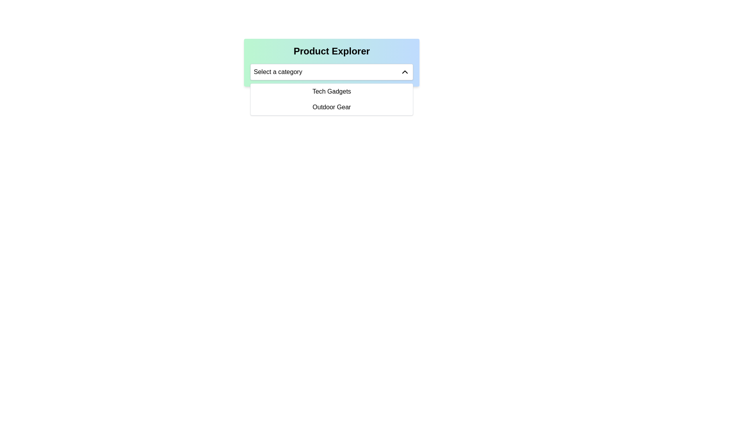  Describe the element at coordinates (405, 72) in the screenshot. I see `the upward-pointing chevron icon used for collapsing the dropdown menu located within the 'Select a category' dropdown interface` at that location.